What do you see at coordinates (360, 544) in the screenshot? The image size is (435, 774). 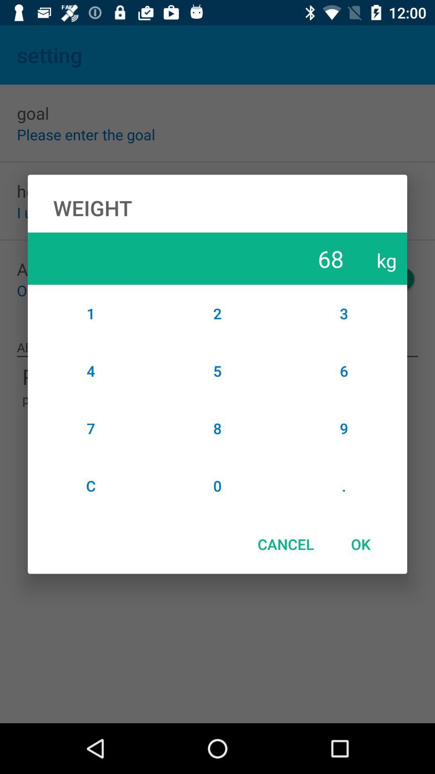 I see `icon to the right of cancel item` at bounding box center [360, 544].